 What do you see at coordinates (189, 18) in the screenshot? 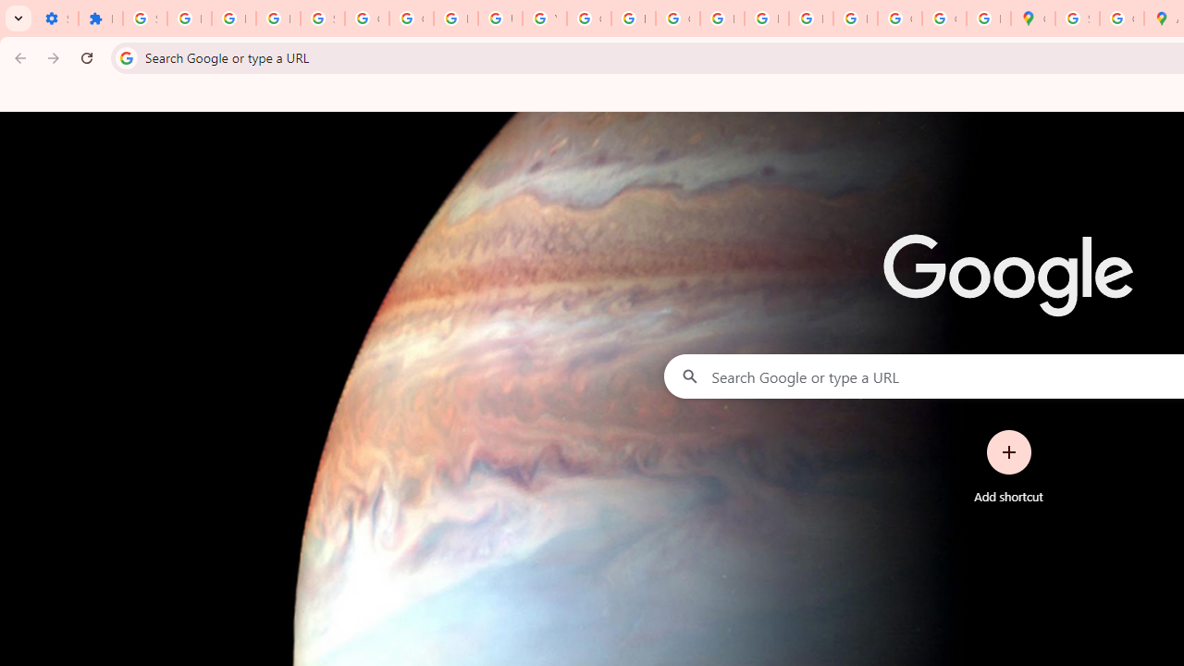
I see `'Delete photos & videos - Computer - Google Photos Help'` at bounding box center [189, 18].